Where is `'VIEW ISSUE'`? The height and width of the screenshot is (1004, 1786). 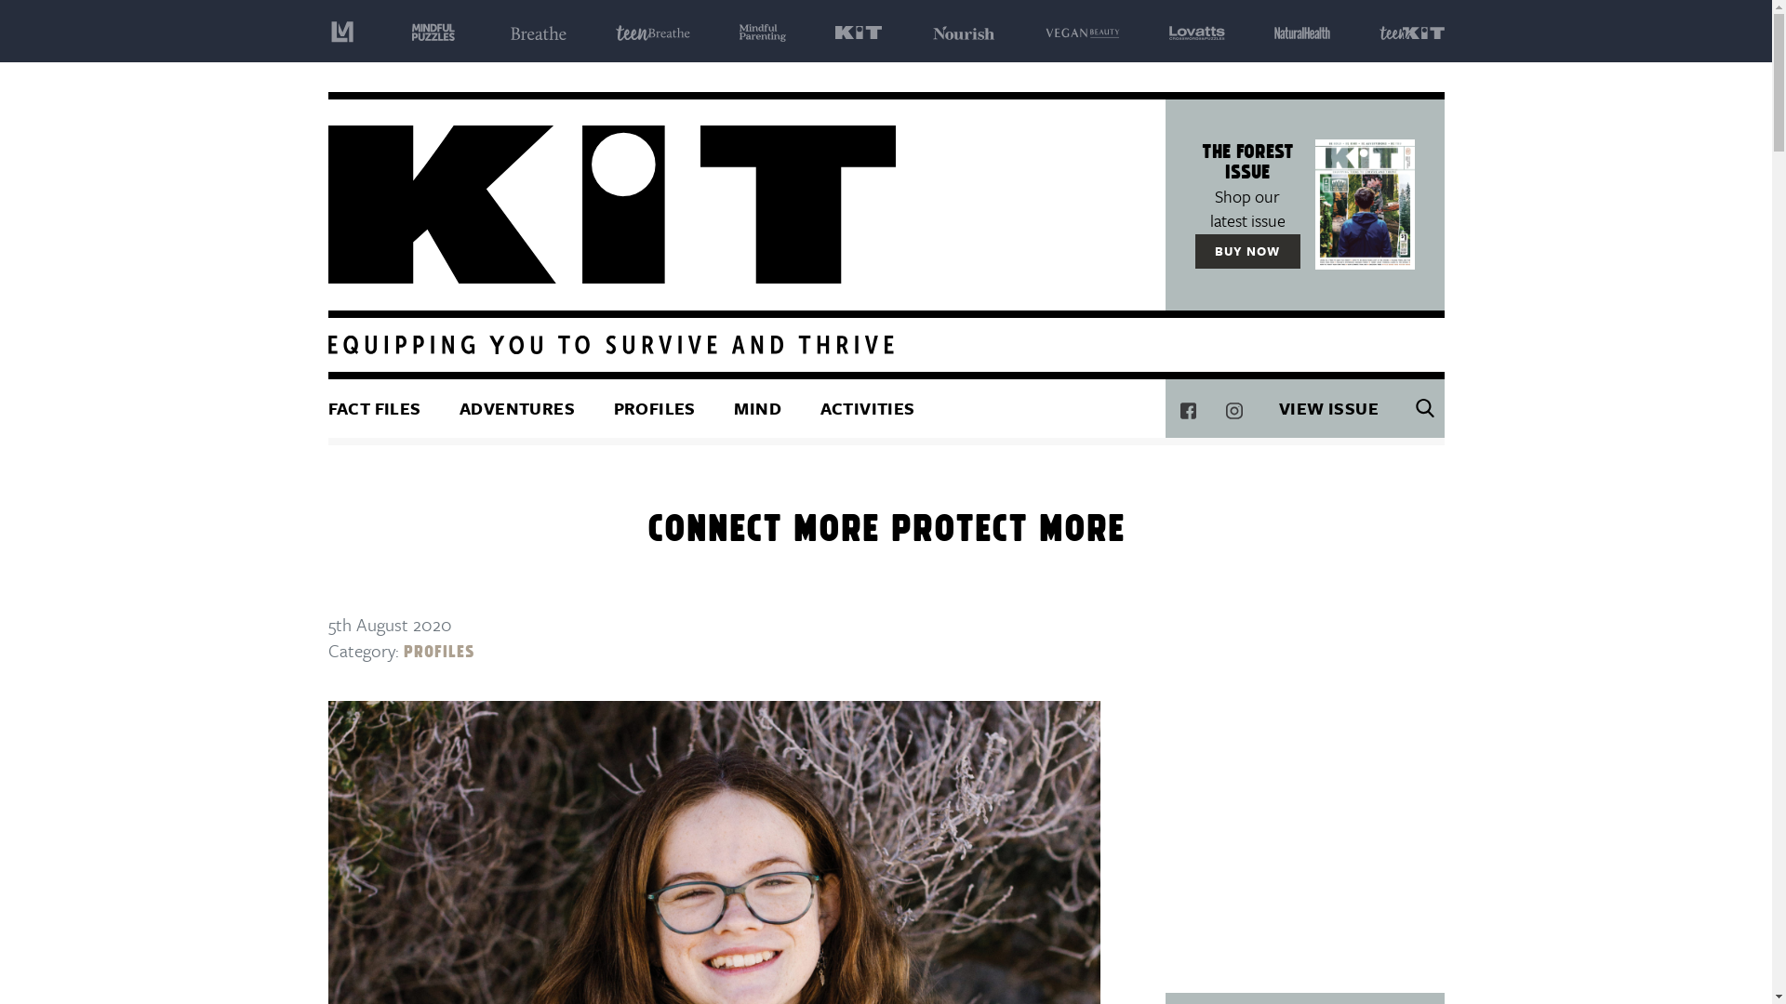
'VIEW ISSUE' is located at coordinates (1328, 407).